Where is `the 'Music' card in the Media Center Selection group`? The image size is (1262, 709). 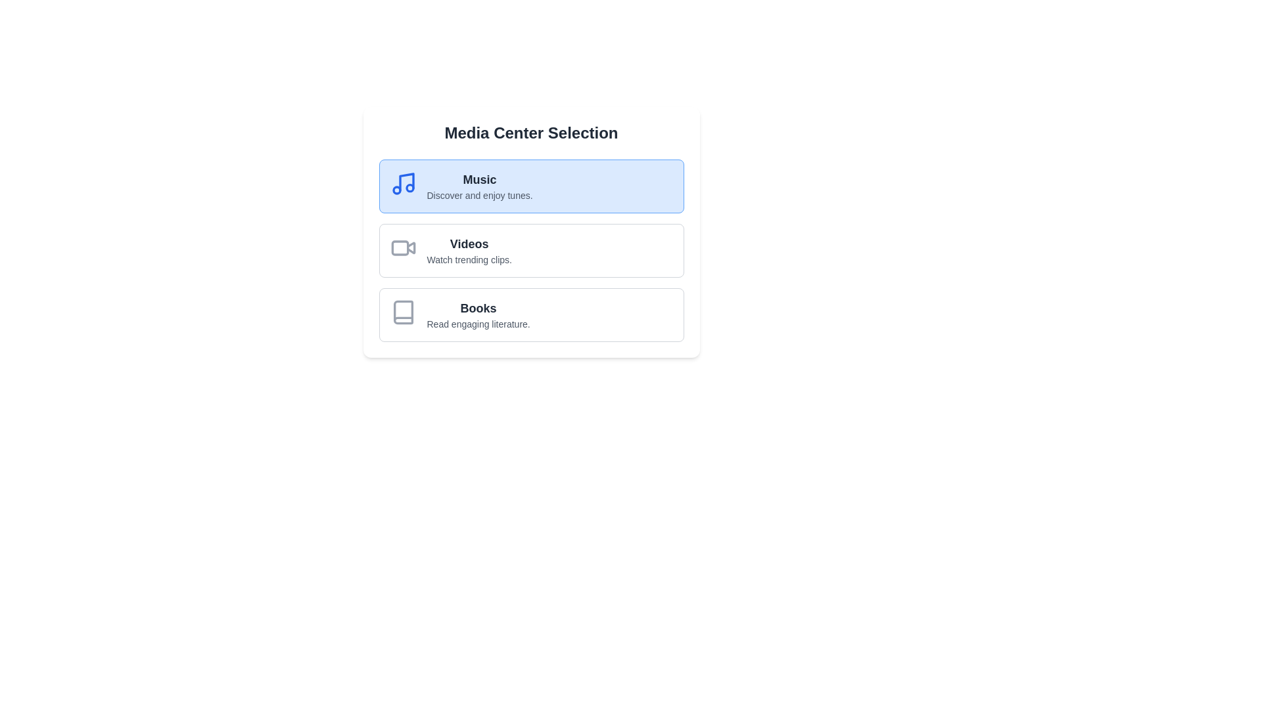
the 'Music' card in the Media Center Selection group is located at coordinates (479, 186).